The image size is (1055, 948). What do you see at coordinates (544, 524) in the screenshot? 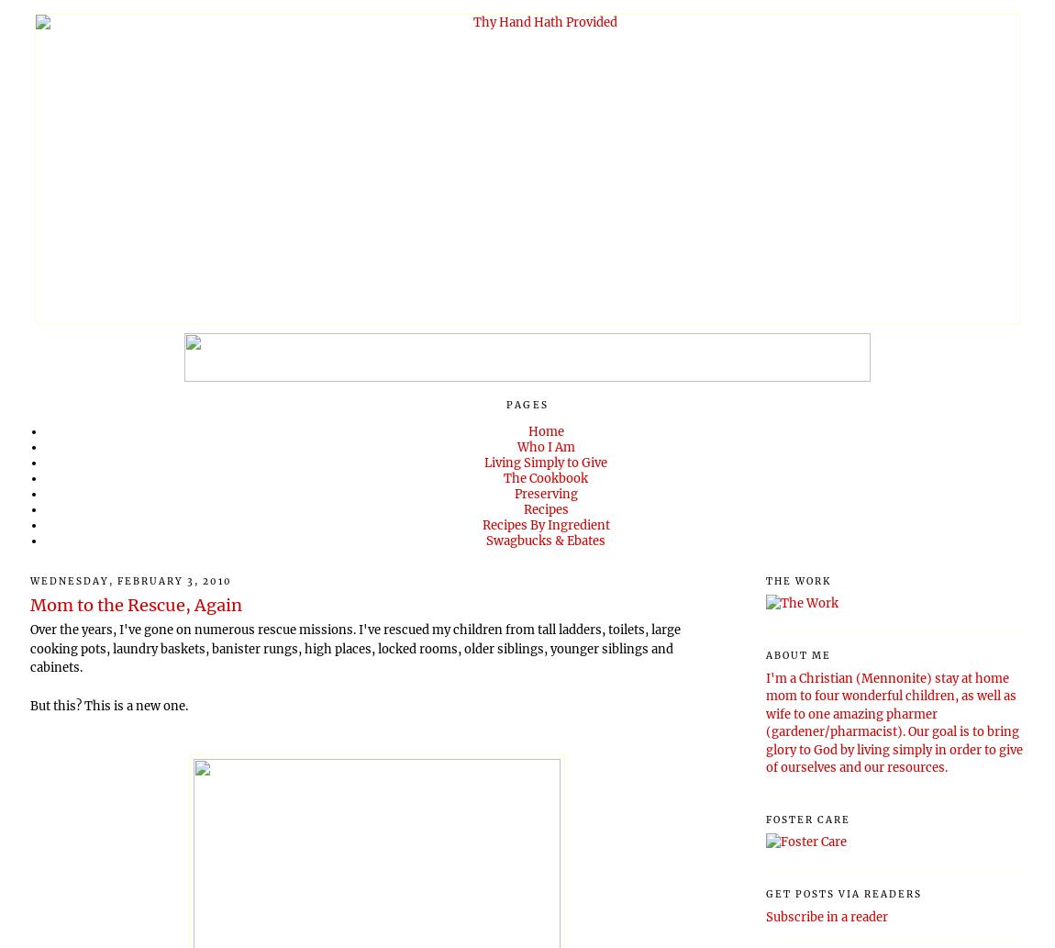
I see `'Recipes By Ingredient'` at bounding box center [544, 524].